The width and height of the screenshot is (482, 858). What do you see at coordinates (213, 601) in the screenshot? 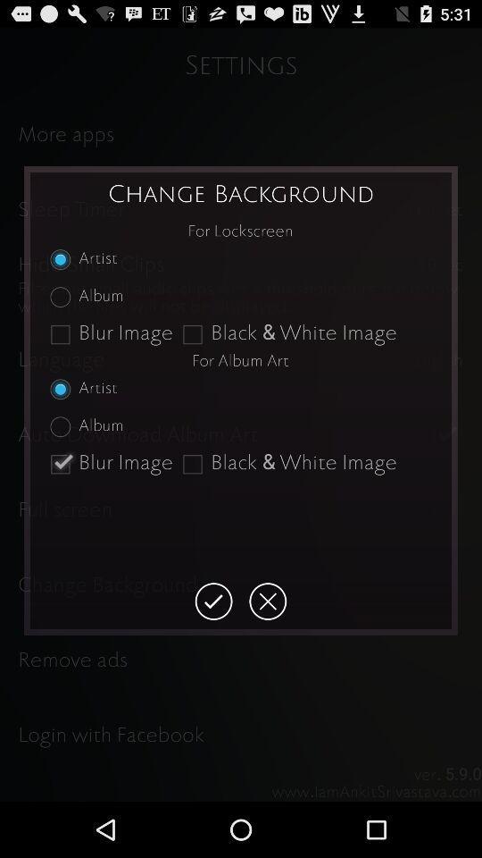
I see `search button` at bounding box center [213, 601].